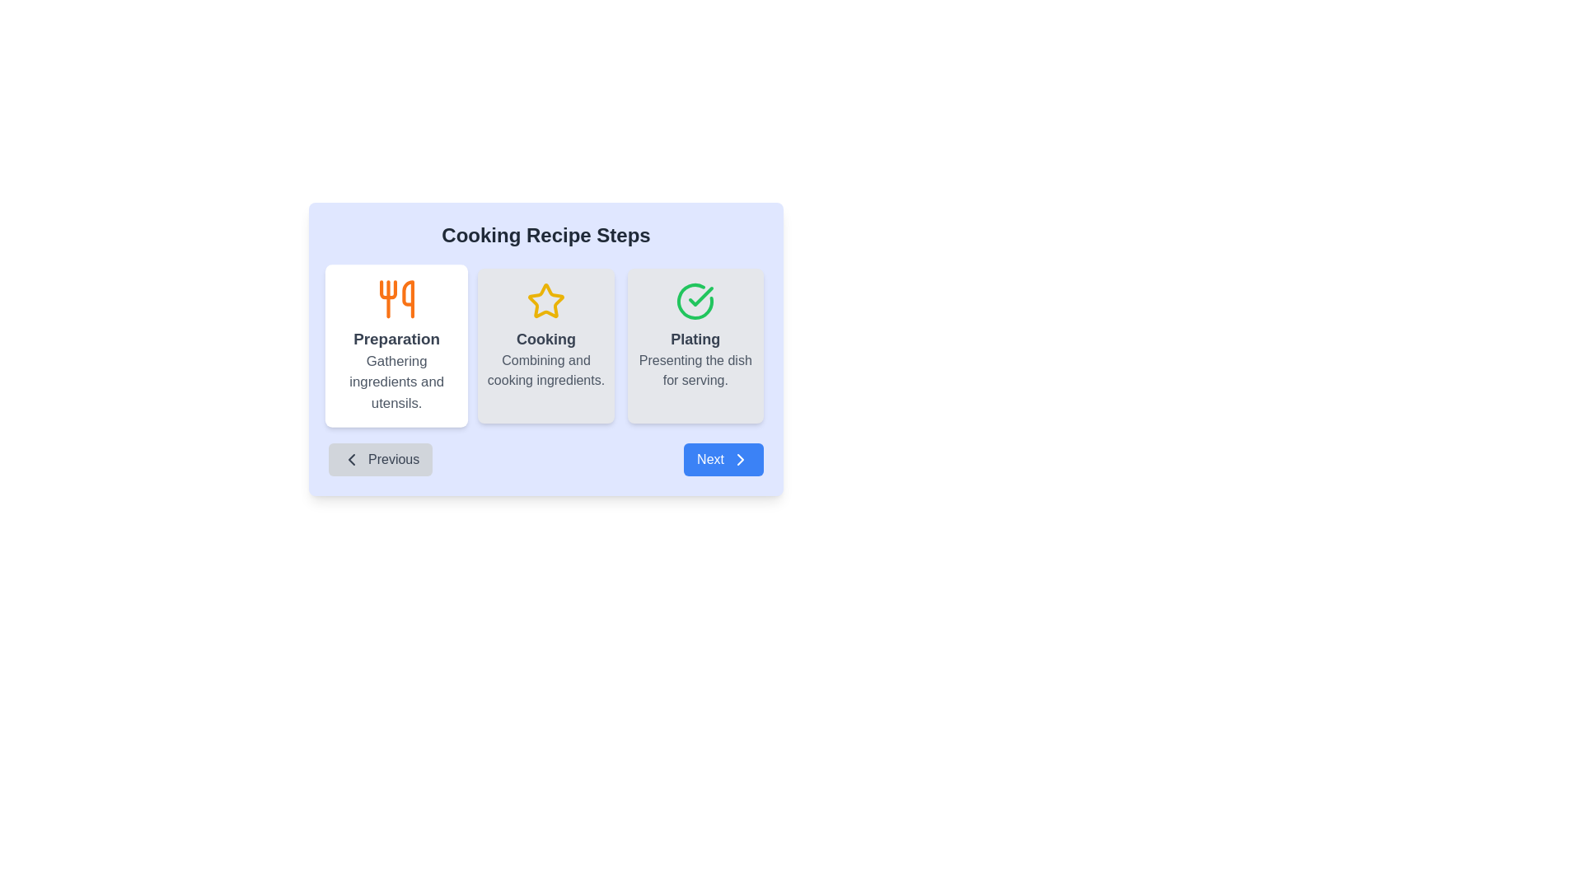 The height and width of the screenshot is (890, 1582). I want to click on the Left-chevron navigation icon, which is located inside the 'Previous' button at the bottom-left corner of the content area to move to the previous section, so click(351, 460).